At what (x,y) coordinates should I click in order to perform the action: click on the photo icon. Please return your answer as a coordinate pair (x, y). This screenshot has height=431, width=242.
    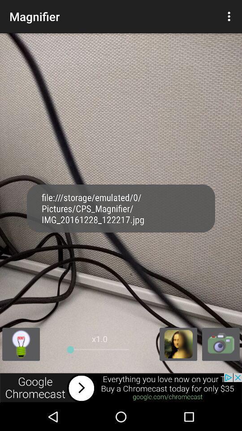
    Looking at the image, I should click on (220, 368).